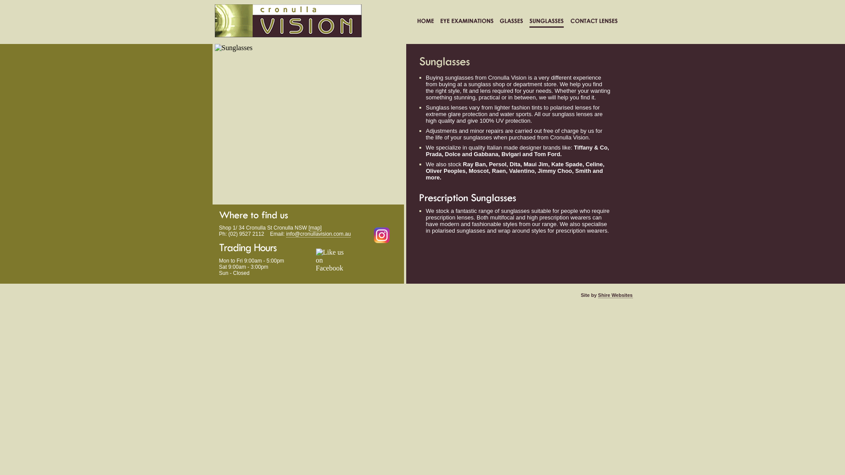 The image size is (845, 475). I want to click on 'Sunglasses', so click(528, 22).